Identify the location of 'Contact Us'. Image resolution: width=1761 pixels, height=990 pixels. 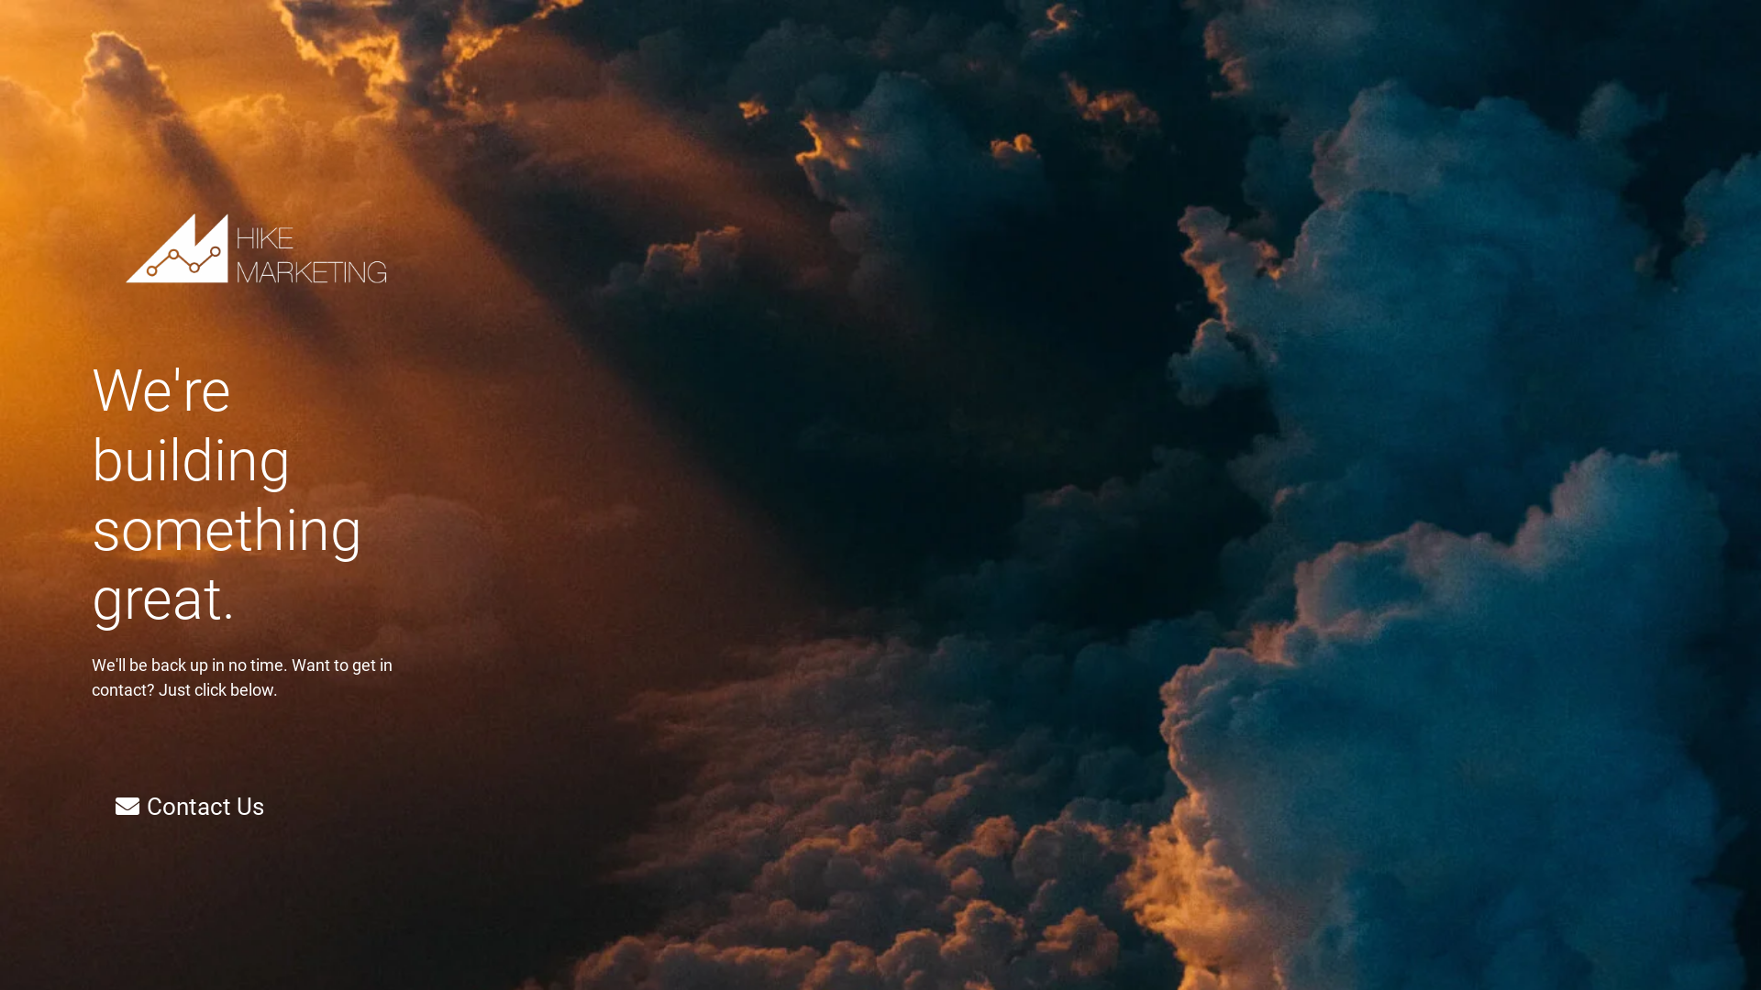
(189, 805).